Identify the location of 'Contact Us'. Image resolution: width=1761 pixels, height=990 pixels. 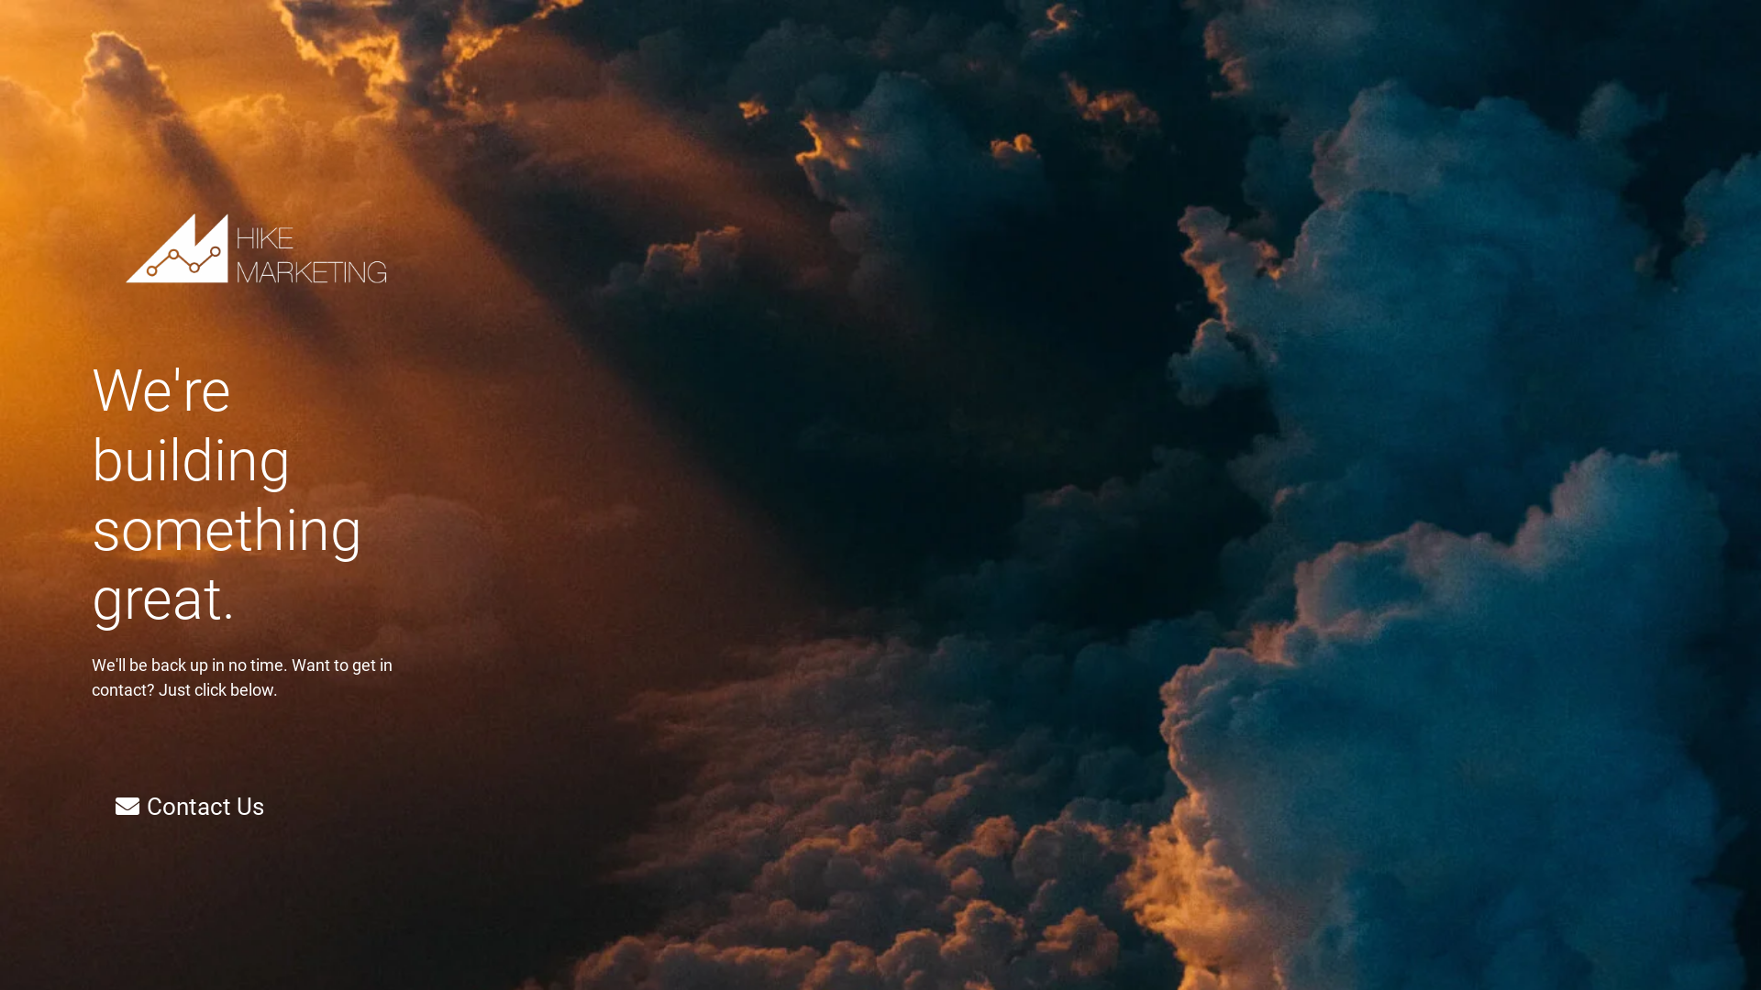
(189, 805).